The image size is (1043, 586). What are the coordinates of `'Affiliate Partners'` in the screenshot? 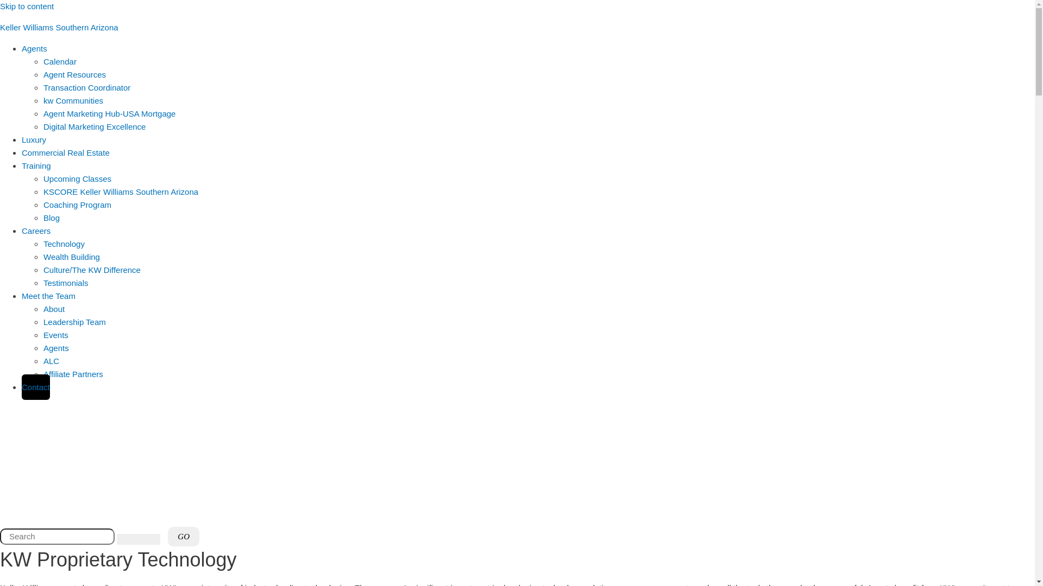 It's located at (72, 373).